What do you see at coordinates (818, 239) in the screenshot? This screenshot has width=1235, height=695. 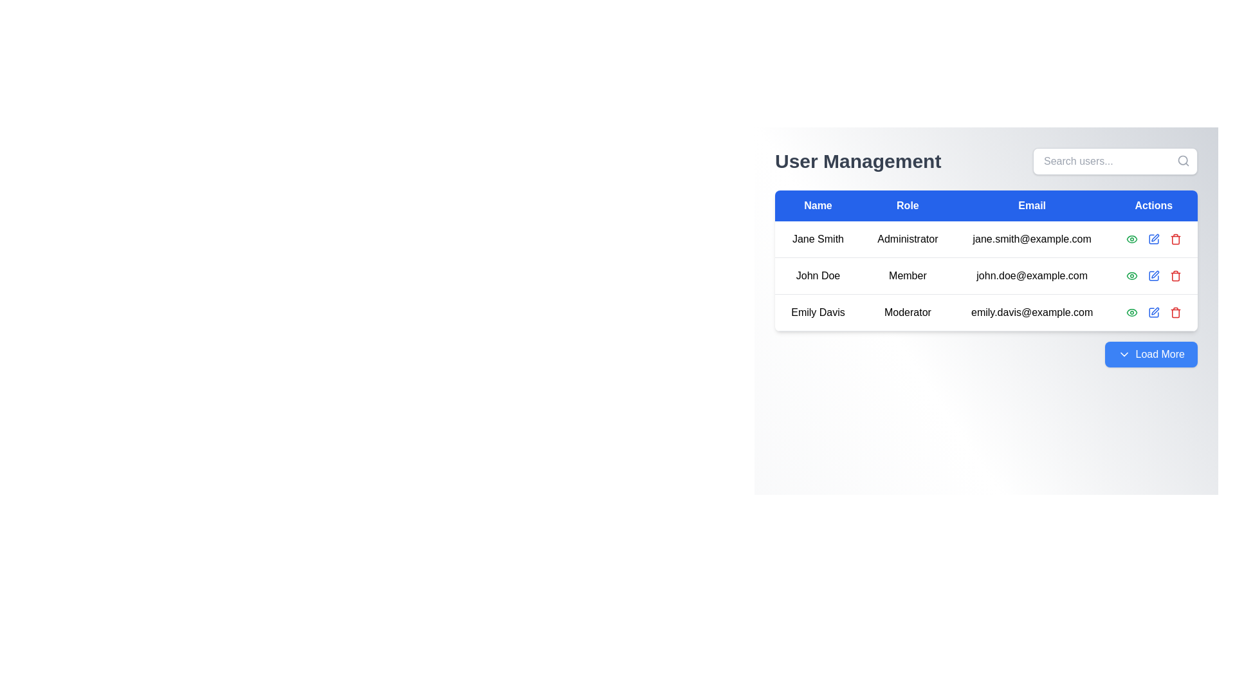 I see `the Text Display element that shows the individual's name, located in the first row of the user management table under the 'Name' column` at bounding box center [818, 239].